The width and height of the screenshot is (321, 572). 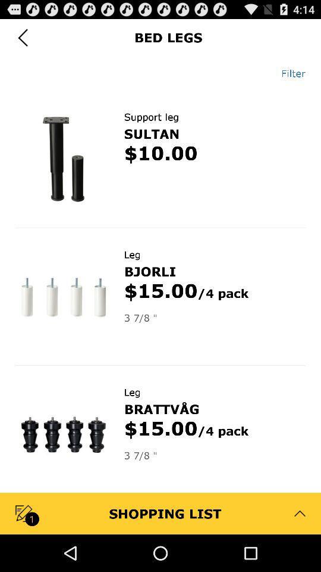 What do you see at coordinates (288, 73) in the screenshot?
I see `the filter` at bounding box center [288, 73].